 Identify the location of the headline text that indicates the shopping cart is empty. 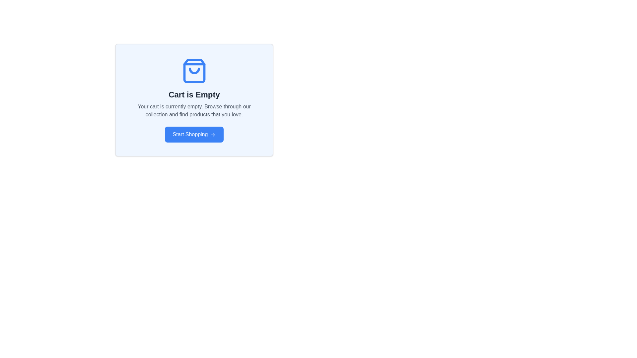
(194, 94).